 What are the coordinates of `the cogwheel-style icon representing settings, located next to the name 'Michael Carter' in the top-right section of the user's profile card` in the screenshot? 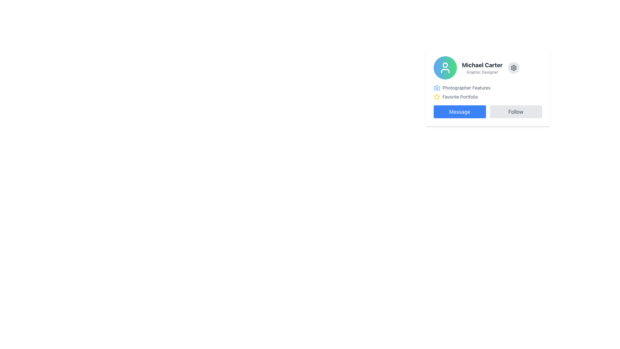 It's located at (513, 68).